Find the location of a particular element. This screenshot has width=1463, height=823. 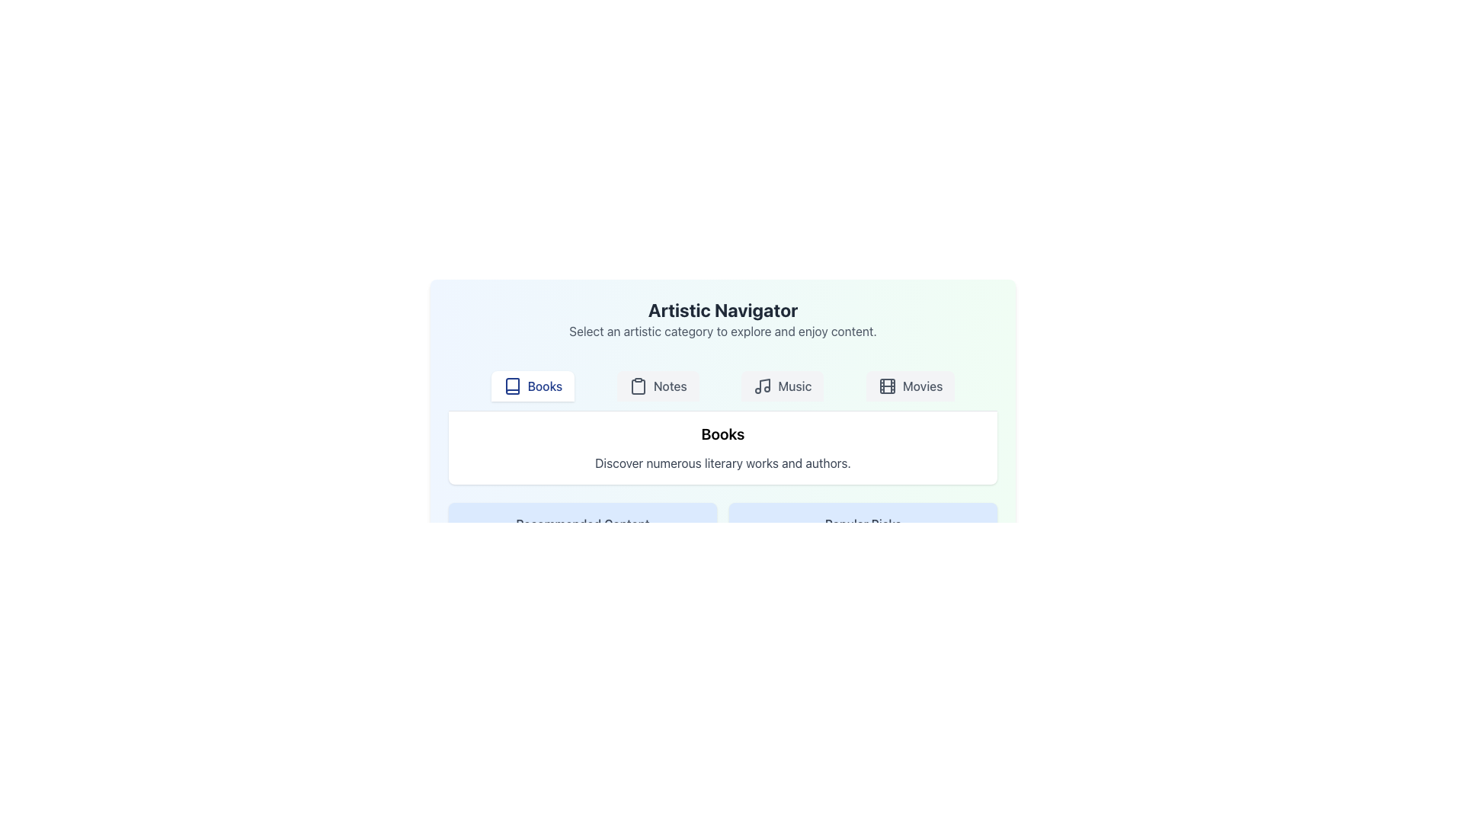

the 'Movies' button, which has a film roll icon and is styled with a soft background is located at coordinates (911, 385).